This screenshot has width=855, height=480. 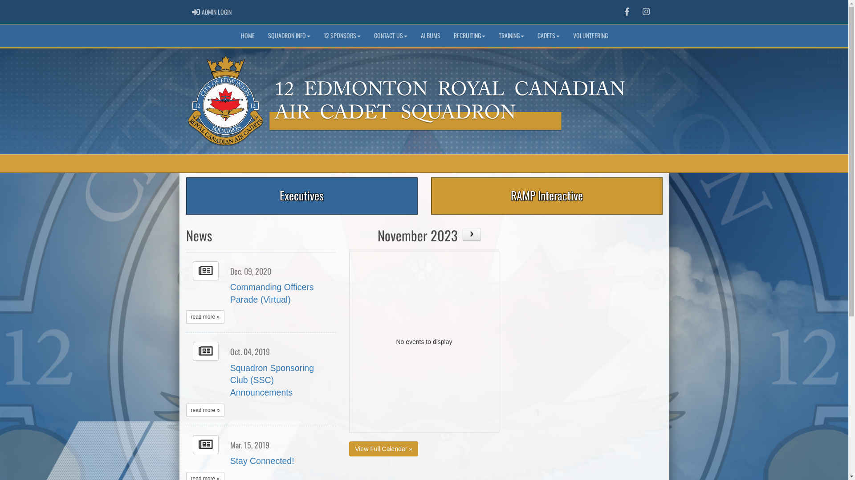 What do you see at coordinates (646, 12) in the screenshot?
I see `'Instagram'` at bounding box center [646, 12].